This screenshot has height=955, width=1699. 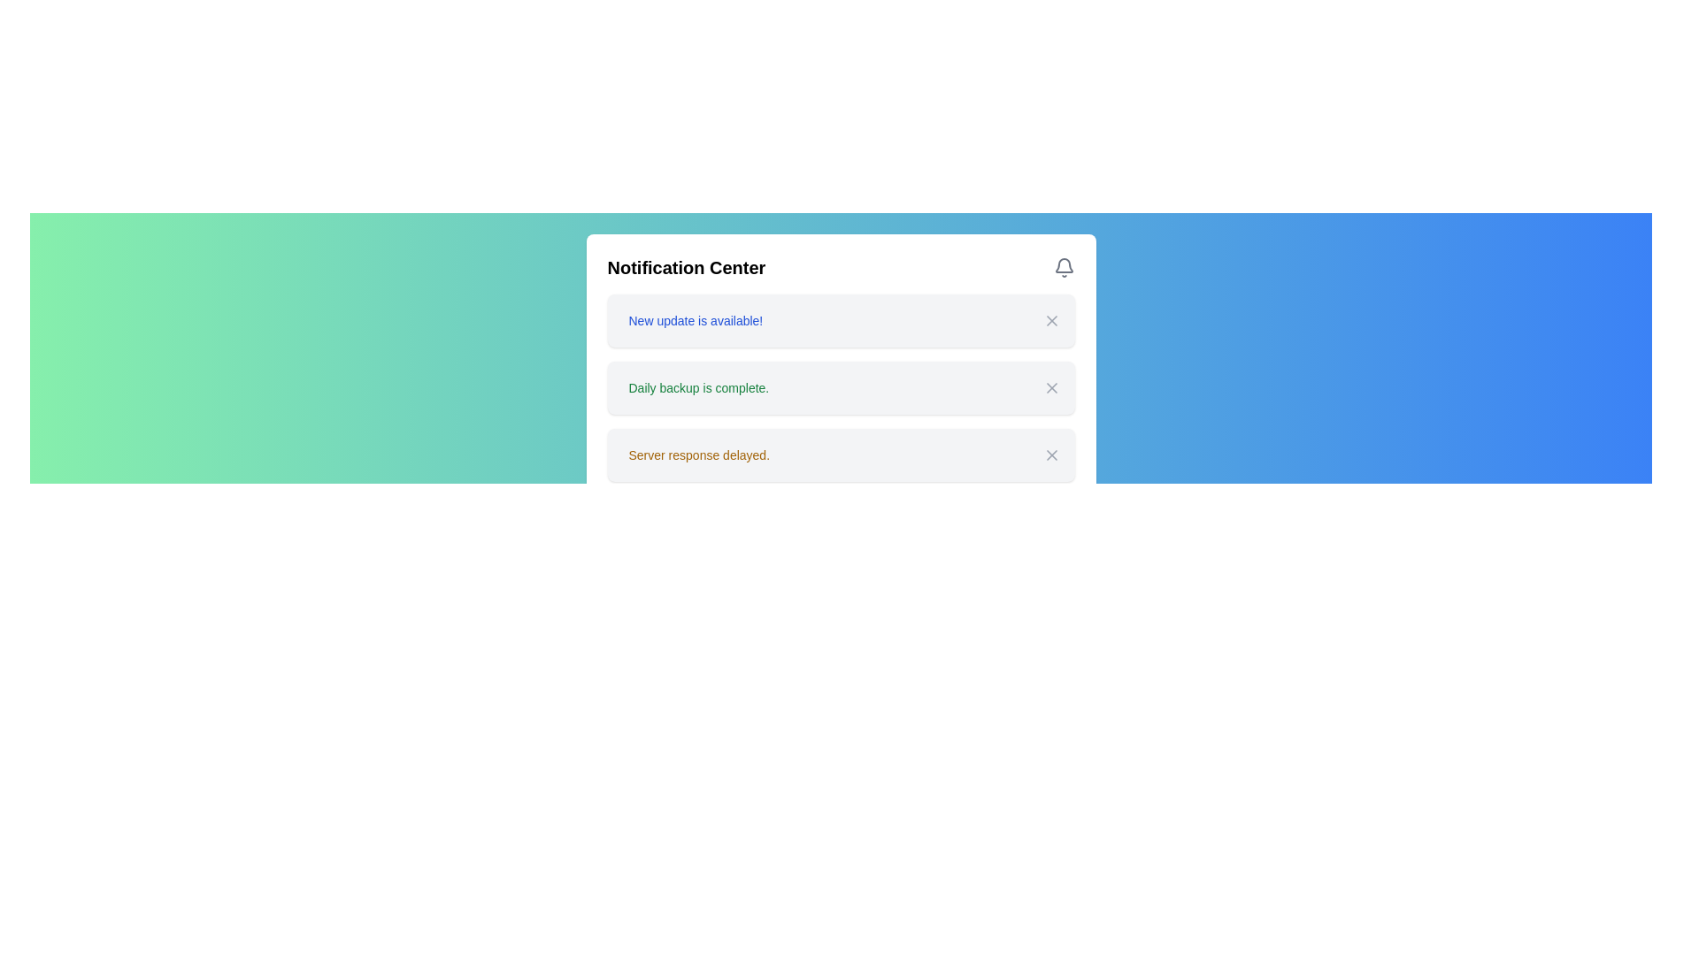 I want to click on the dismiss button located to the right of the text 'New update is available!' in the notification section to observe the color change effect, so click(x=1051, y=320).